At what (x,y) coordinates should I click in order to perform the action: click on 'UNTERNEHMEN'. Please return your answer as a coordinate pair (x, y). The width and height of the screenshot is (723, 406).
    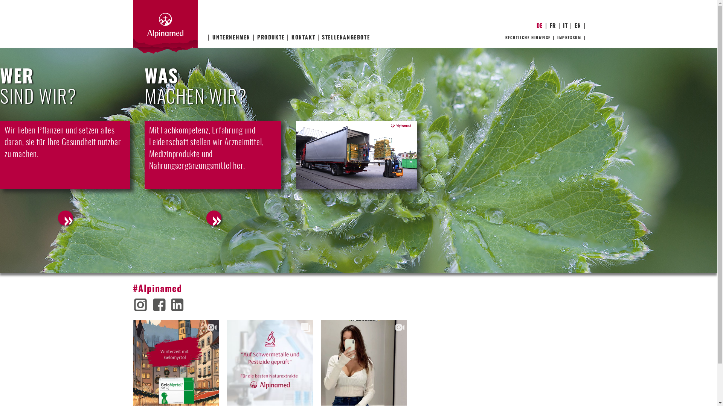
    Looking at the image, I should click on (230, 38).